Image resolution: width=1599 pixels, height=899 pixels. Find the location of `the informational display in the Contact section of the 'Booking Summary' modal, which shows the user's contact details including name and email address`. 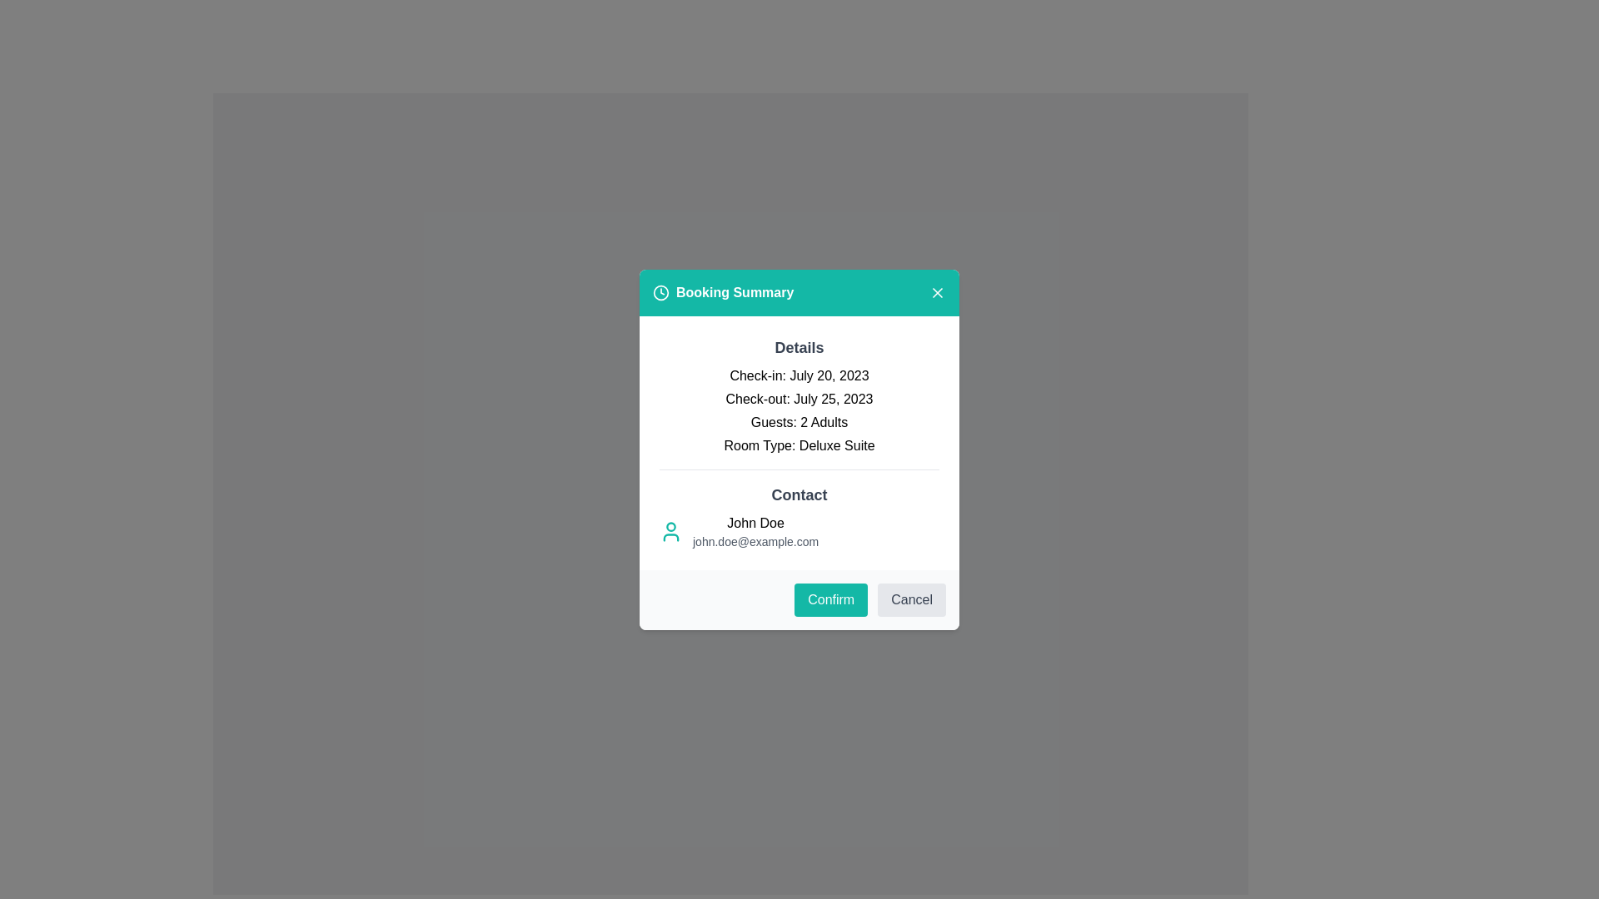

the informational display in the Contact section of the 'Booking Summary' modal, which shows the user's contact details including name and email address is located at coordinates (799, 531).